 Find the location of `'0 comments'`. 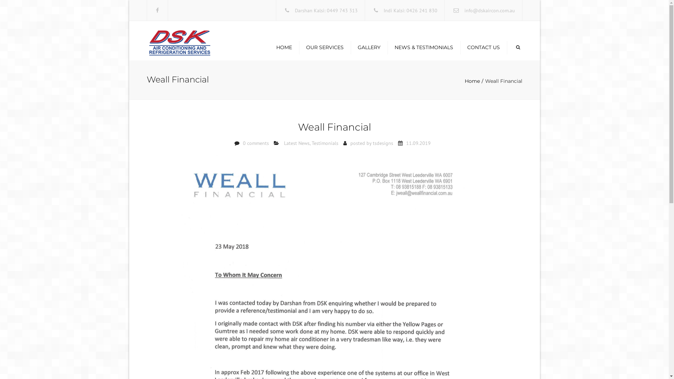

'0 comments' is located at coordinates (256, 143).